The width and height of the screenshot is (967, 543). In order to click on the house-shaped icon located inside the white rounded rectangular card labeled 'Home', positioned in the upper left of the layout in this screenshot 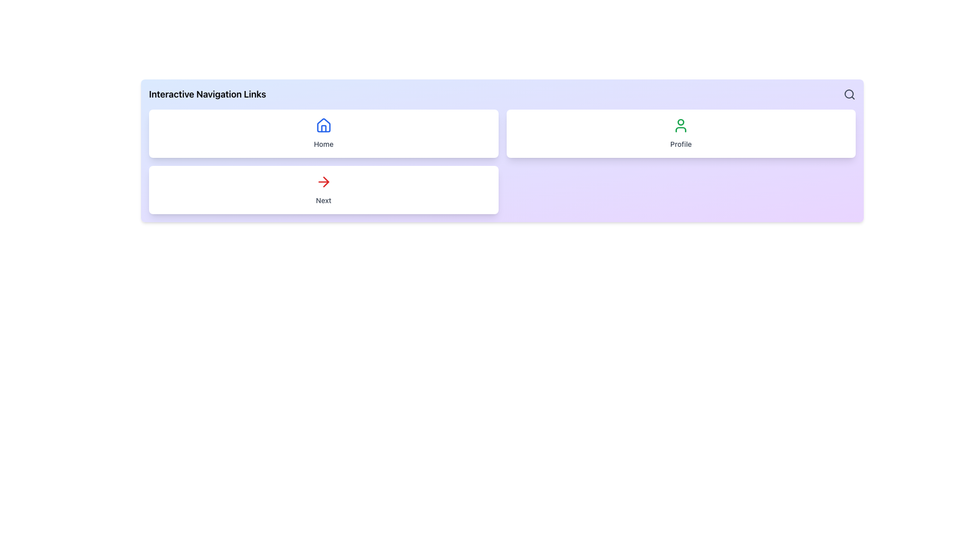, I will do `click(323, 125)`.